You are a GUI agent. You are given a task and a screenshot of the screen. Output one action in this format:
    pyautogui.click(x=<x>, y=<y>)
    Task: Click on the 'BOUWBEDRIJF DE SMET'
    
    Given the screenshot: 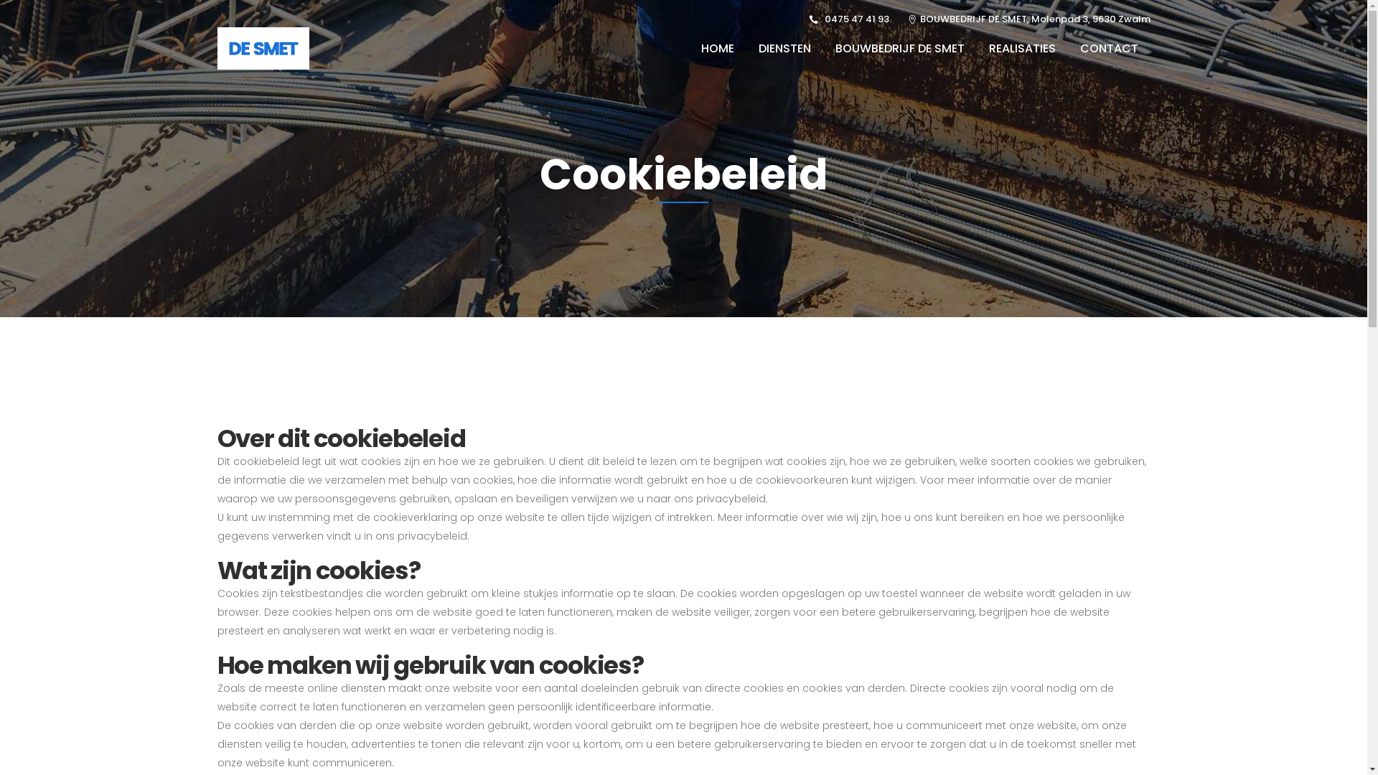 What is the action you would take?
    pyautogui.click(x=822, y=47)
    